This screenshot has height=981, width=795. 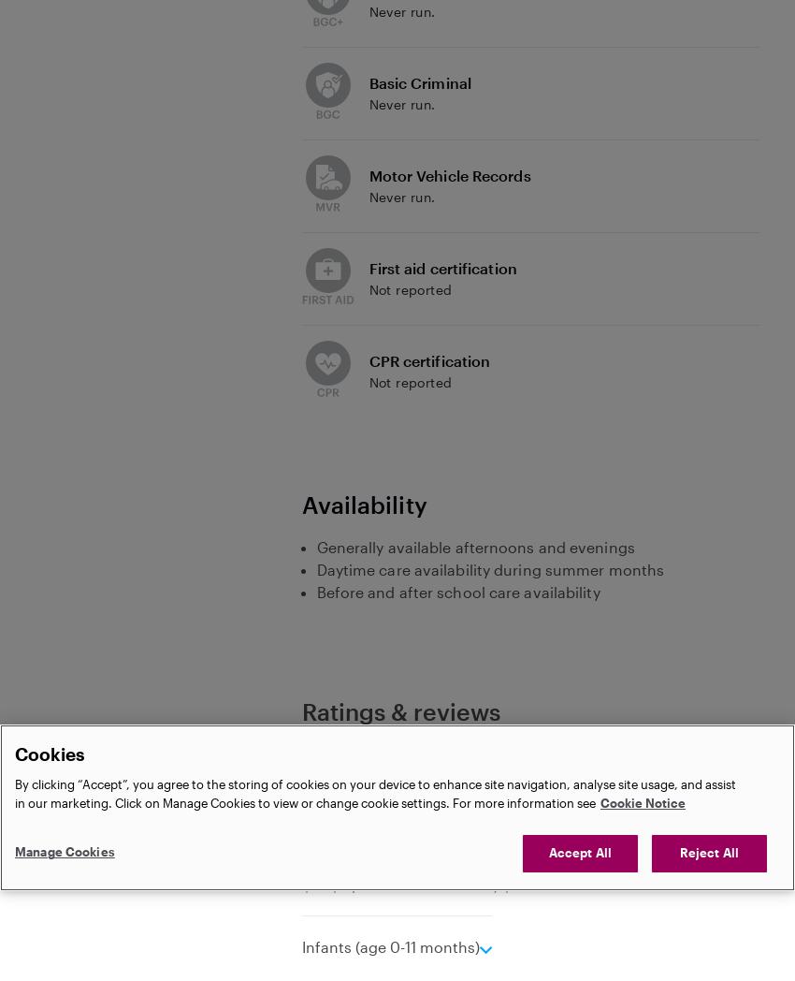 I want to click on 'Generally available afternoons and evenings', so click(x=474, y=546).